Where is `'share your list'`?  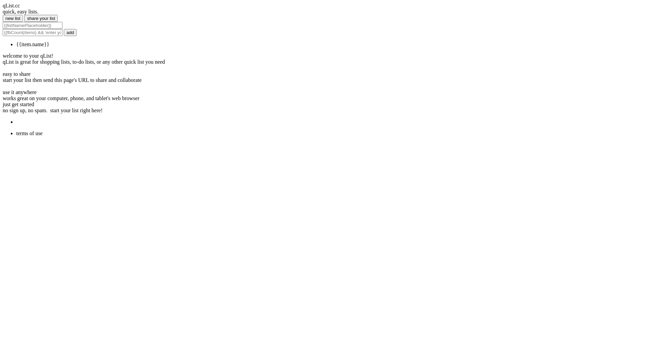 'share your list' is located at coordinates (40, 18).